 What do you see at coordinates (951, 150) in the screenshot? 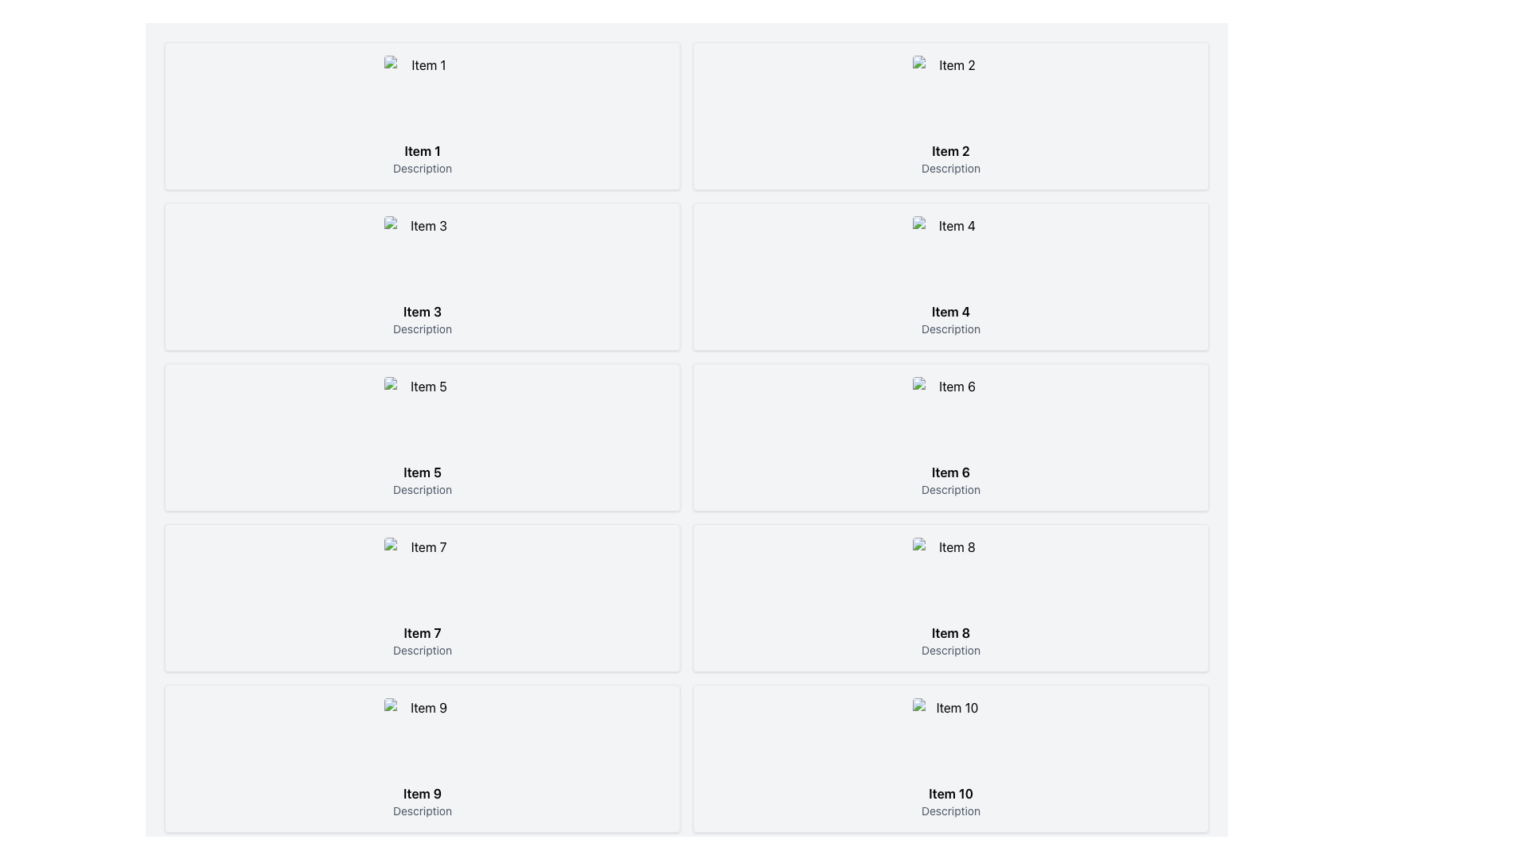
I see `the text label displaying 'Item 2' in bold font, which is positioned under an image and above the description text, to potentially trigger visual feedback` at bounding box center [951, 150].